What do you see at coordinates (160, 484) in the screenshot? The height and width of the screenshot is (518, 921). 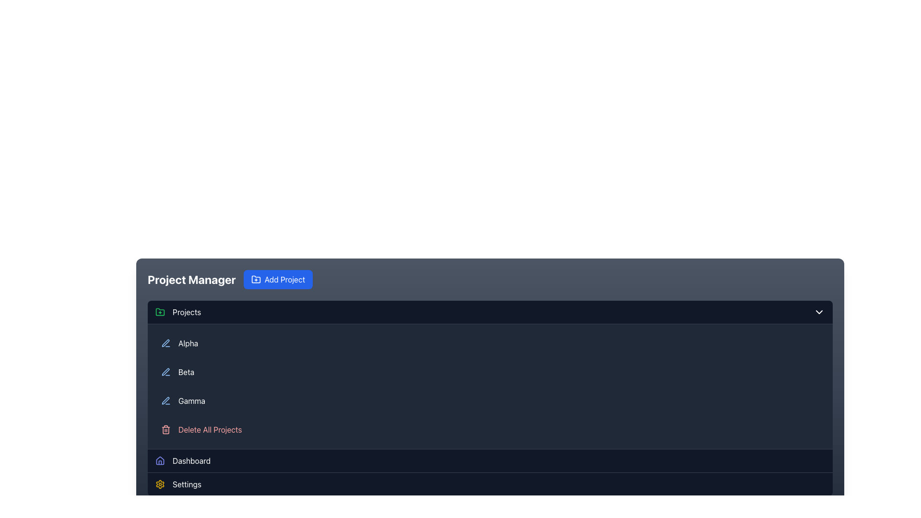 I see `the gear-shaped icon with a yellow fill and black outline, located to the left of the 'Settings' label in the vertical navigation menu` at bounding box center [160, 484].